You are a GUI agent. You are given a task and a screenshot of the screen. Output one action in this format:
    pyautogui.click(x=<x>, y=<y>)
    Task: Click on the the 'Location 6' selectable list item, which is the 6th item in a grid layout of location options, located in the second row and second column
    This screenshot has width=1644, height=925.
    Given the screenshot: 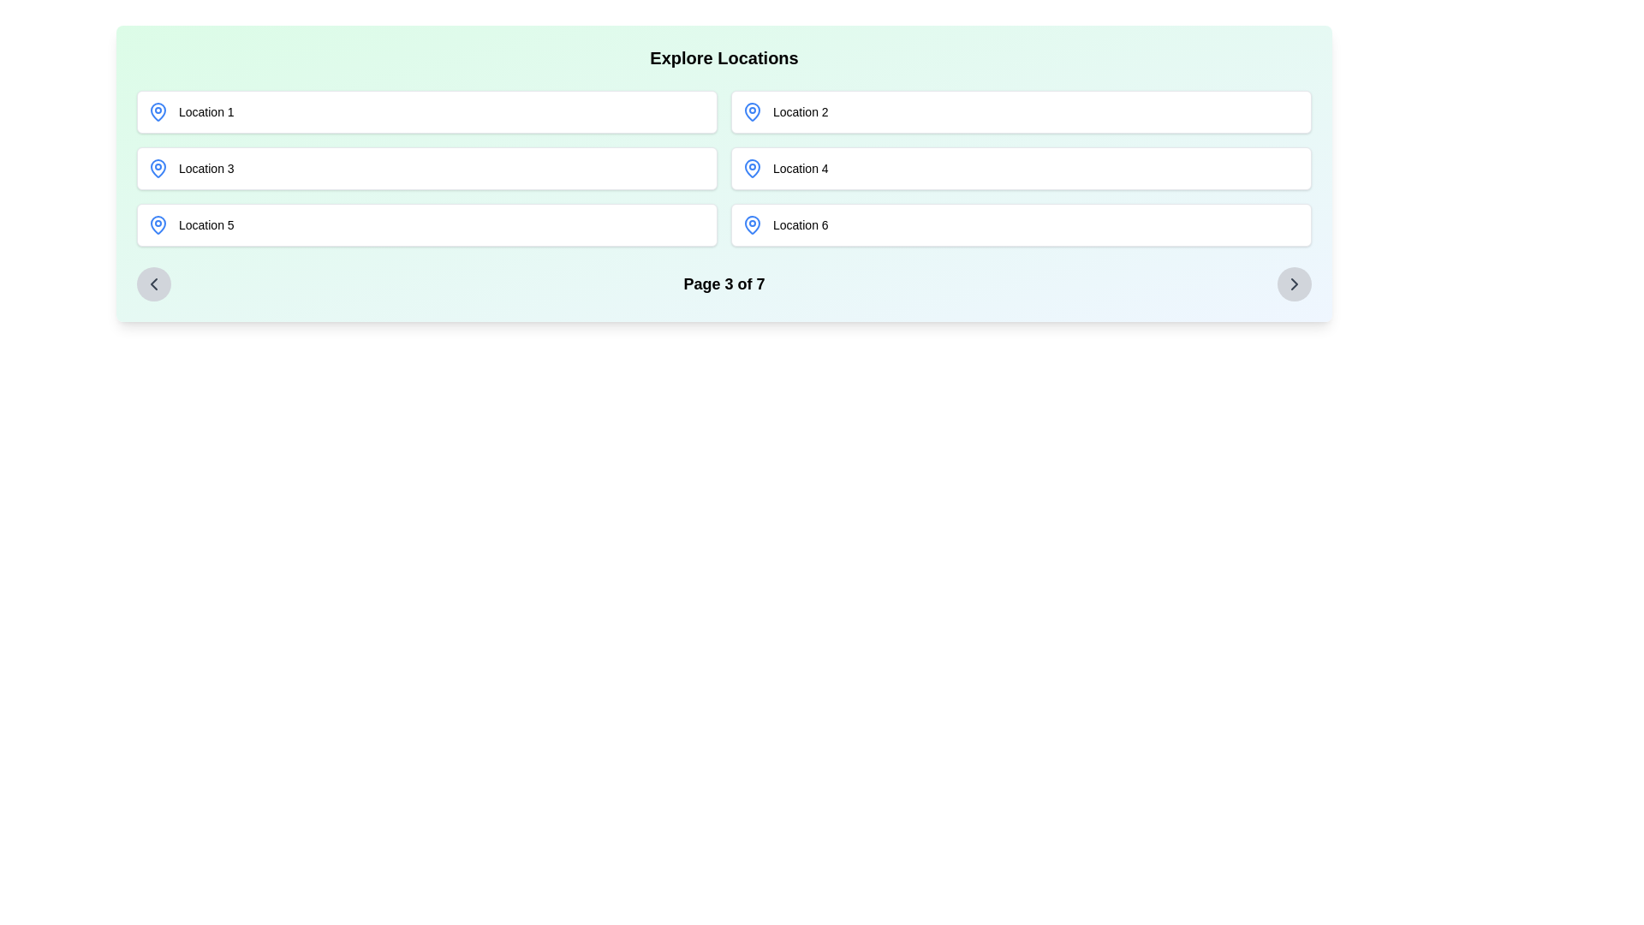 What is the action you would take?
    pyautogui.click(x=1022, y=224)
    